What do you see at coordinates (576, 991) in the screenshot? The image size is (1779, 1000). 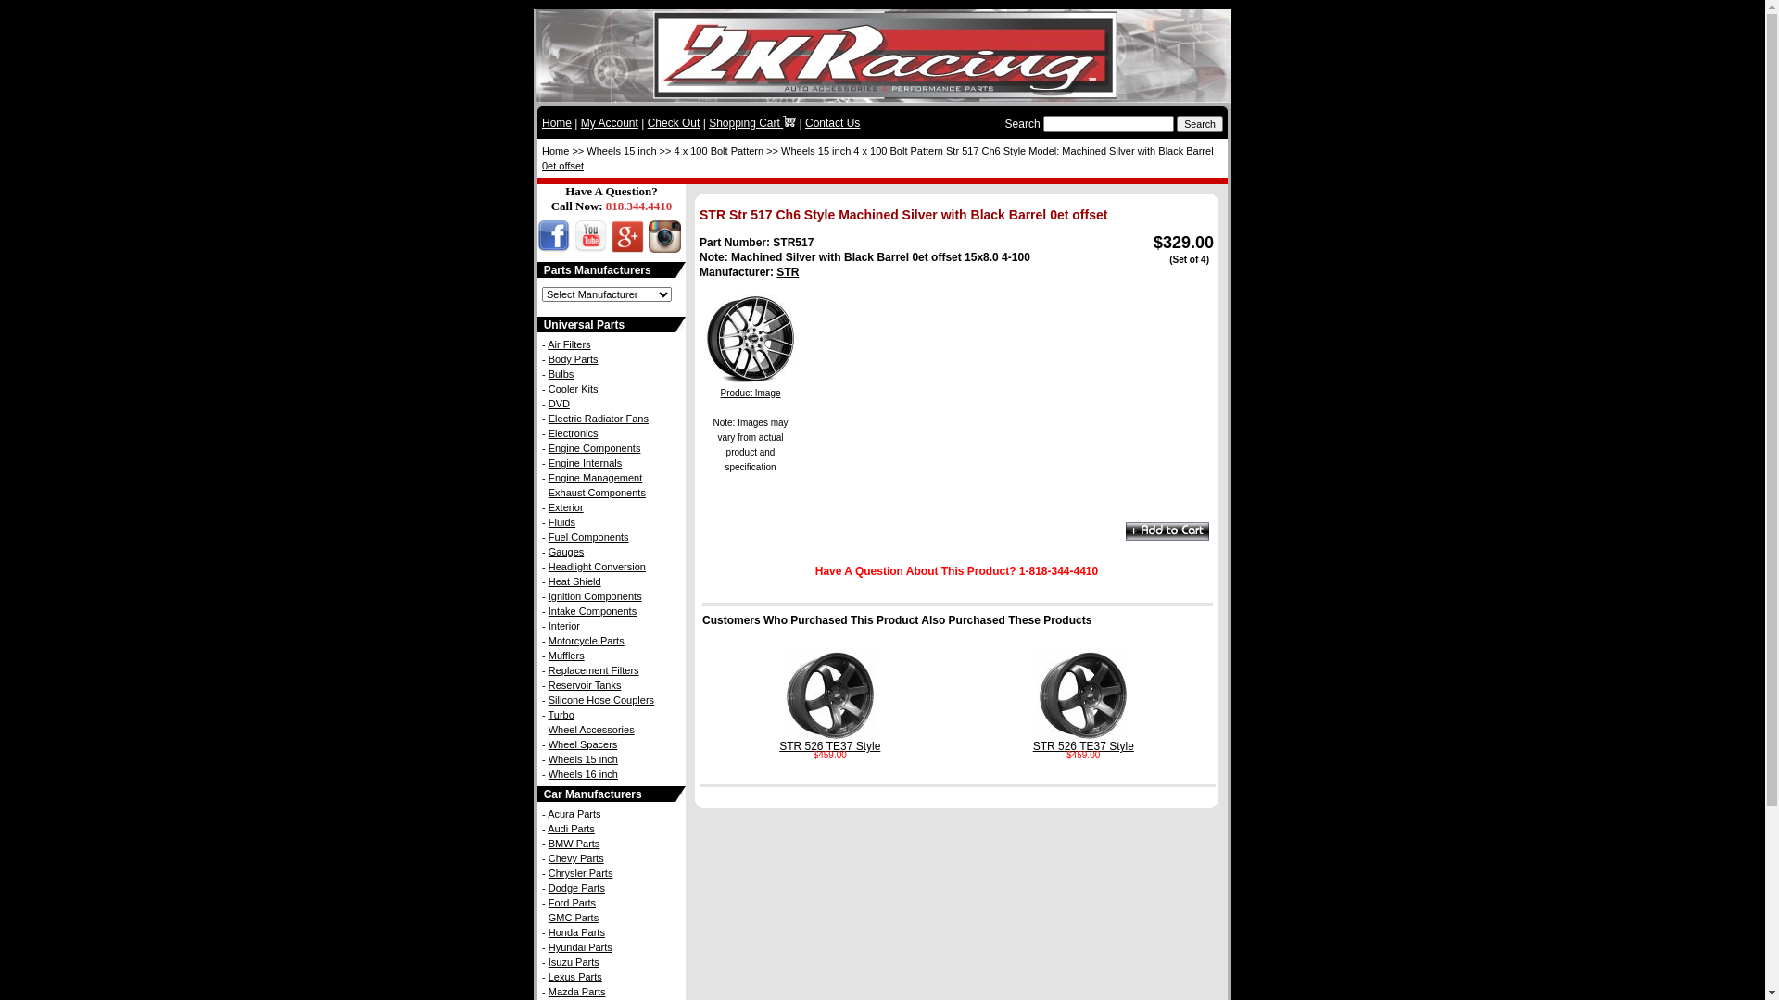 I see `'Mazda Parts'` at bounding box center [576, 991].